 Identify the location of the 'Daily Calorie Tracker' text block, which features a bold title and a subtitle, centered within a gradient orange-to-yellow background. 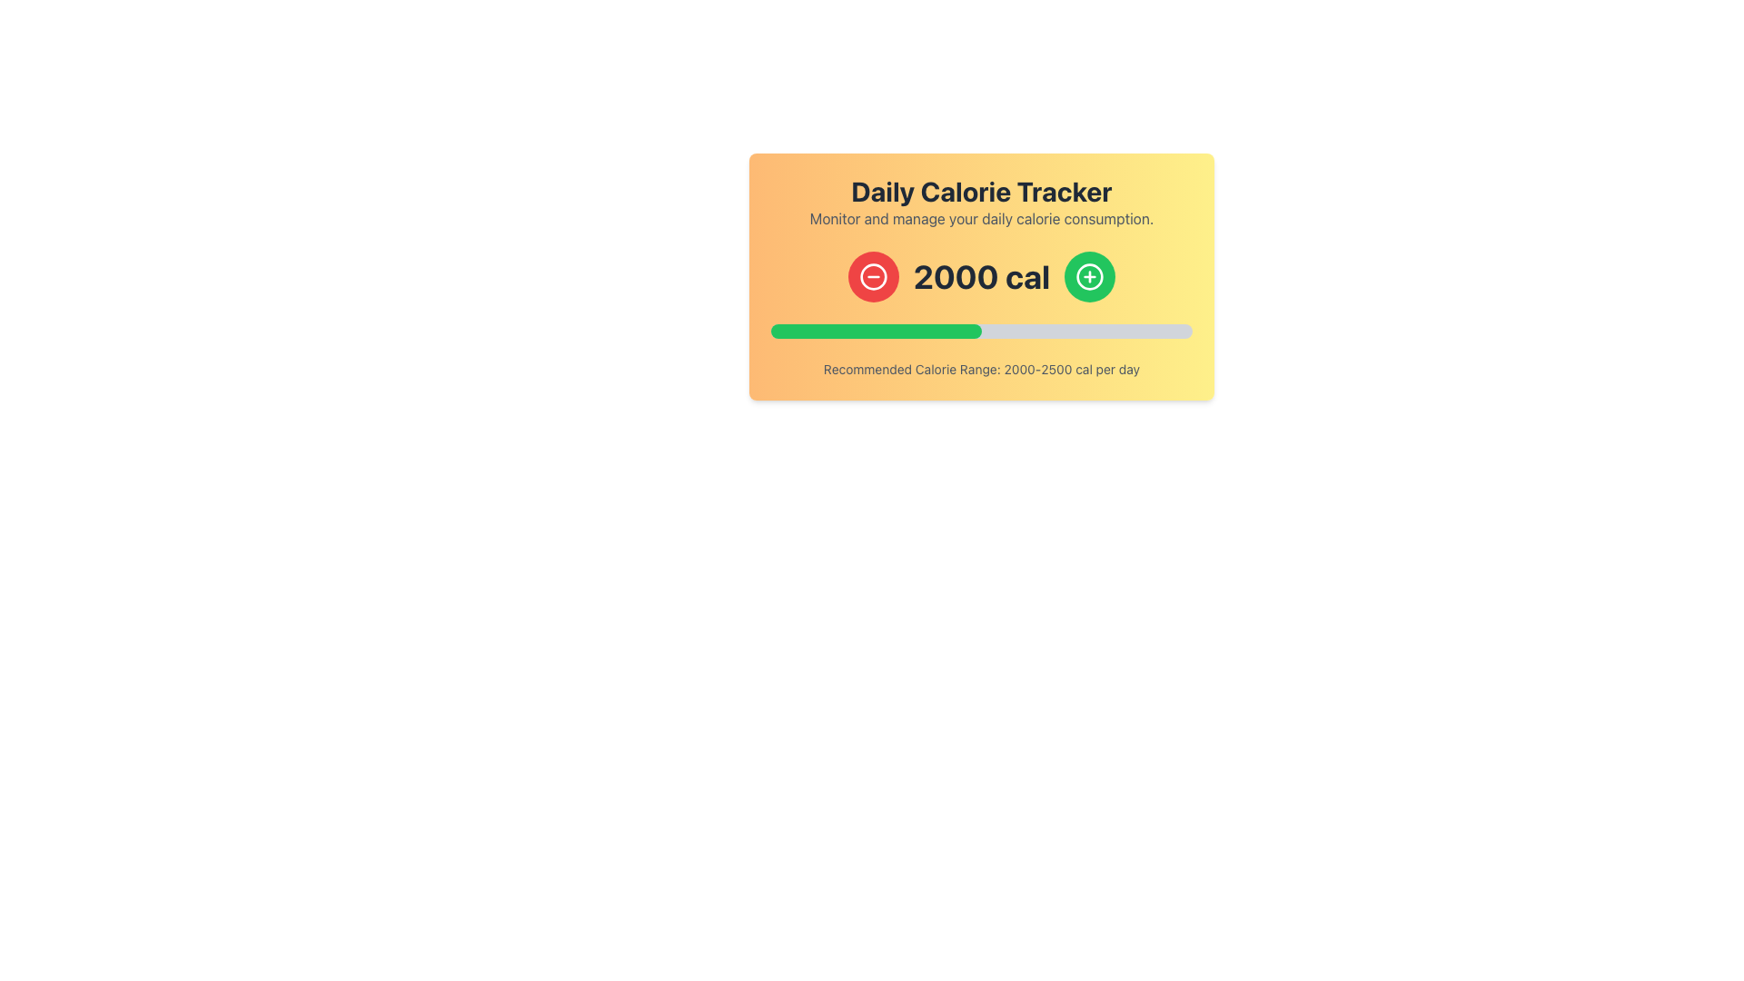
(980, 203).